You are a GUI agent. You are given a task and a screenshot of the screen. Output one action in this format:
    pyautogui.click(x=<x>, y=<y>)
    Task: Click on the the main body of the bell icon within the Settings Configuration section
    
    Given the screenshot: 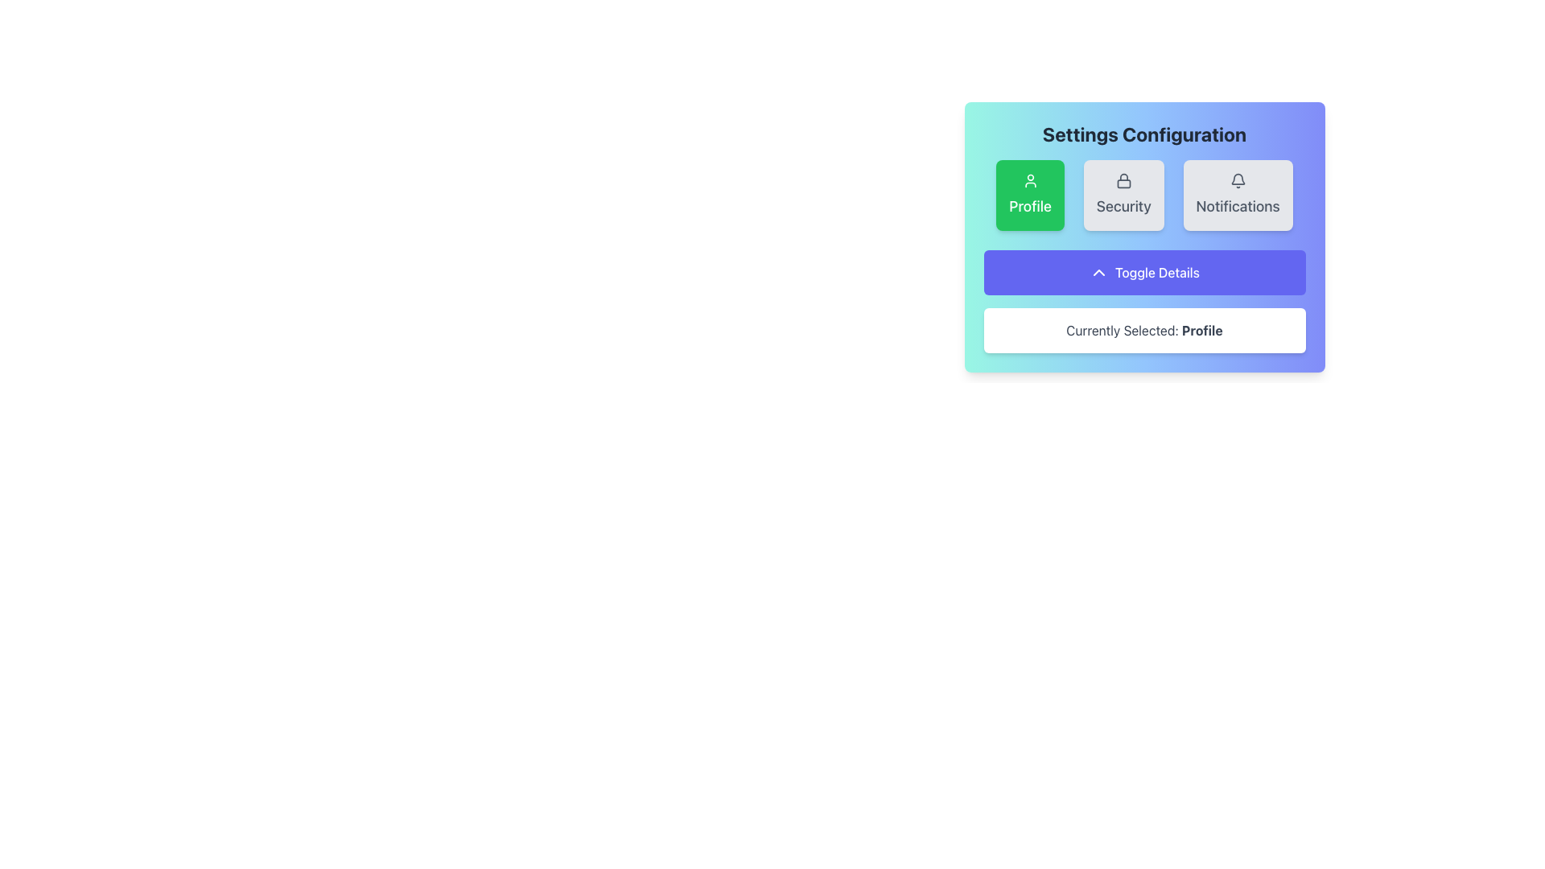 What is the action you would take?
    pyautogui.click(x=1236, y=179)
    